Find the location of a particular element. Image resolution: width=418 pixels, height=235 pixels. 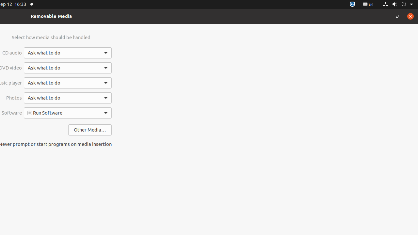

'cc-item-ask' is located at coordinates (68, 53).